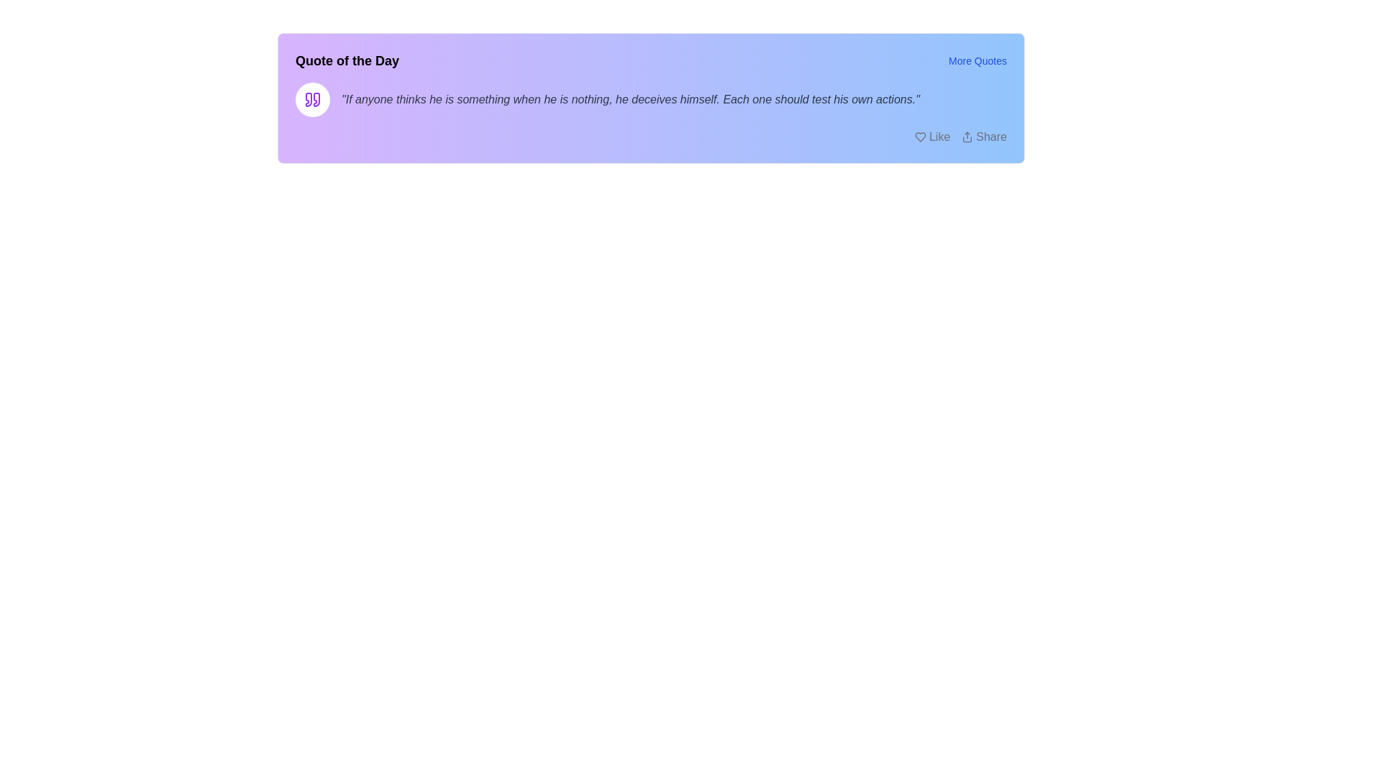 The image size is (1381, 776). I want to click on the 'Like' button, so click(932, 137).